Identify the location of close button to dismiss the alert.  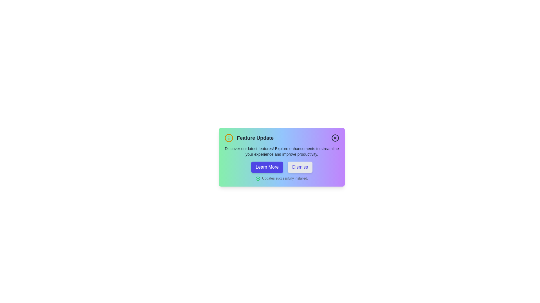
(335, 138).